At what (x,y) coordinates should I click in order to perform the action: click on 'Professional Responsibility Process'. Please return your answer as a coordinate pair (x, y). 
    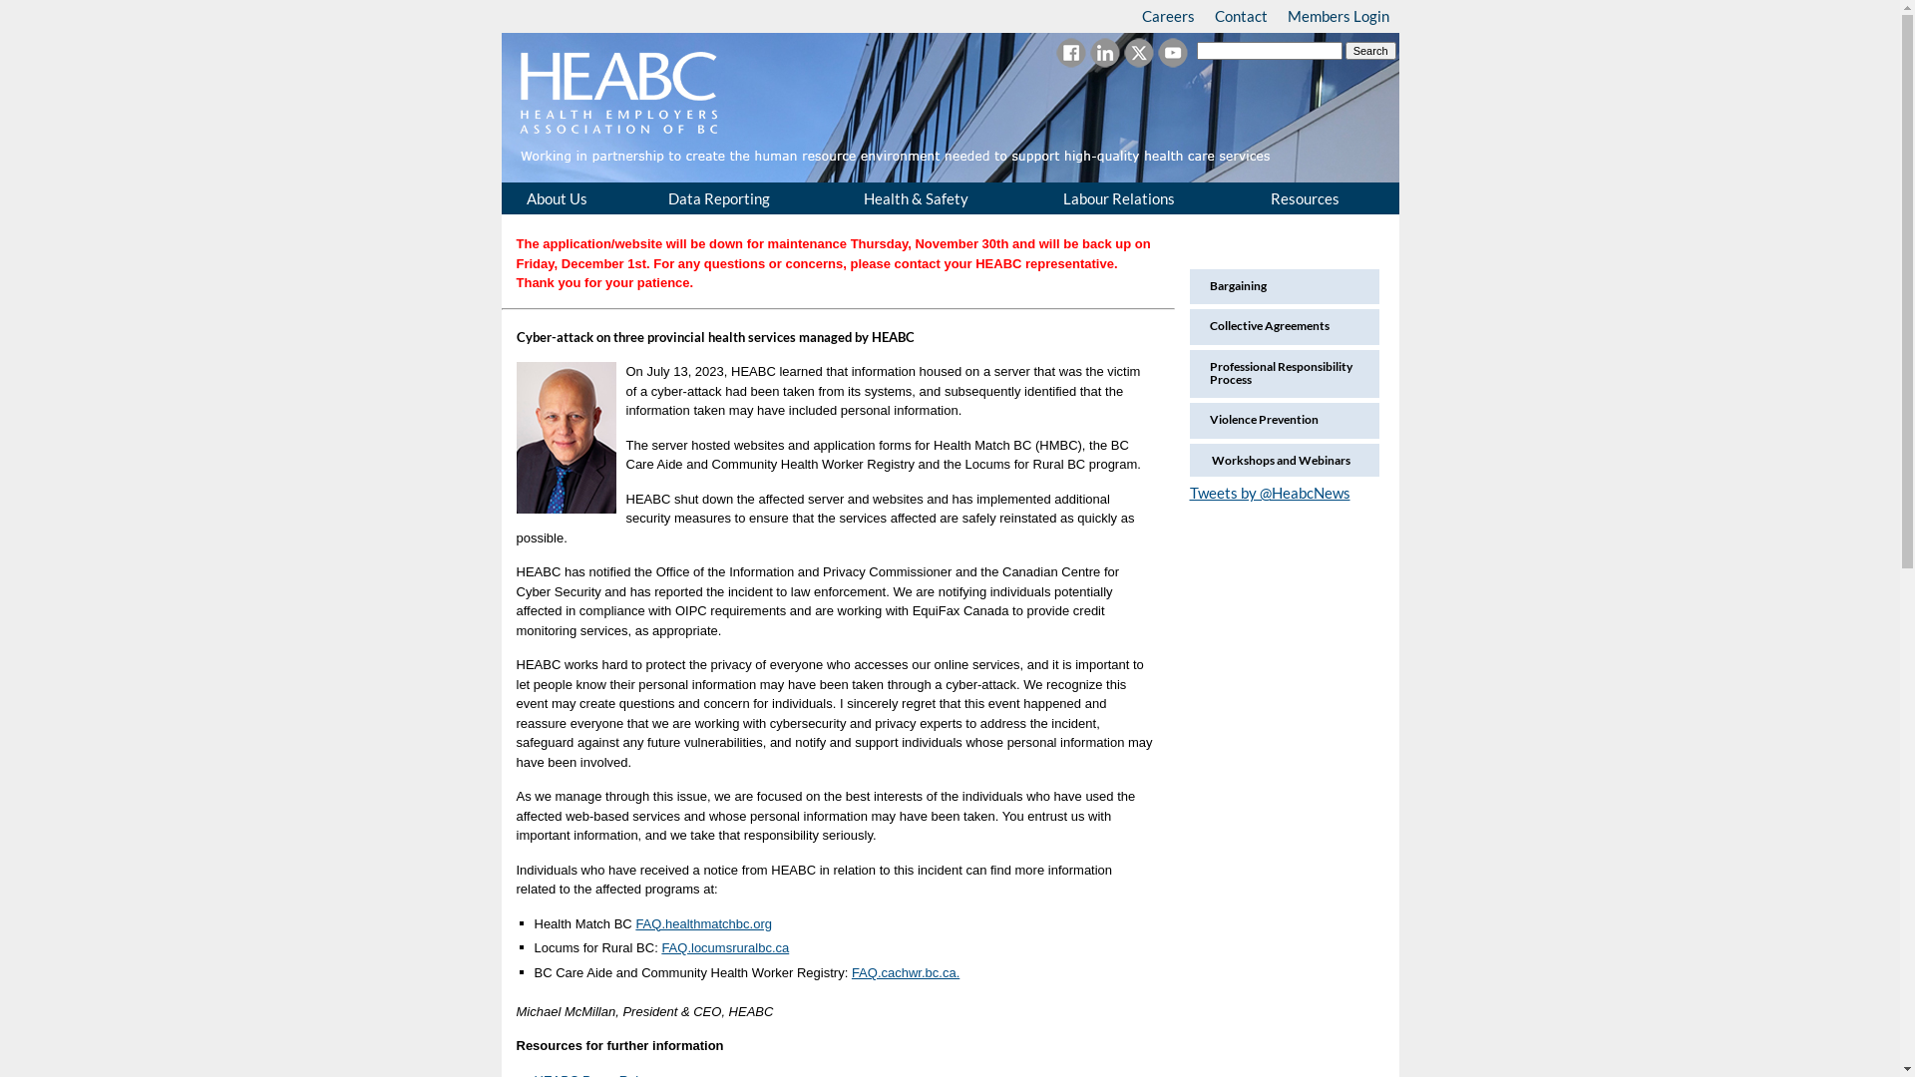
    Looking at the image, I should click on (1283, 391).